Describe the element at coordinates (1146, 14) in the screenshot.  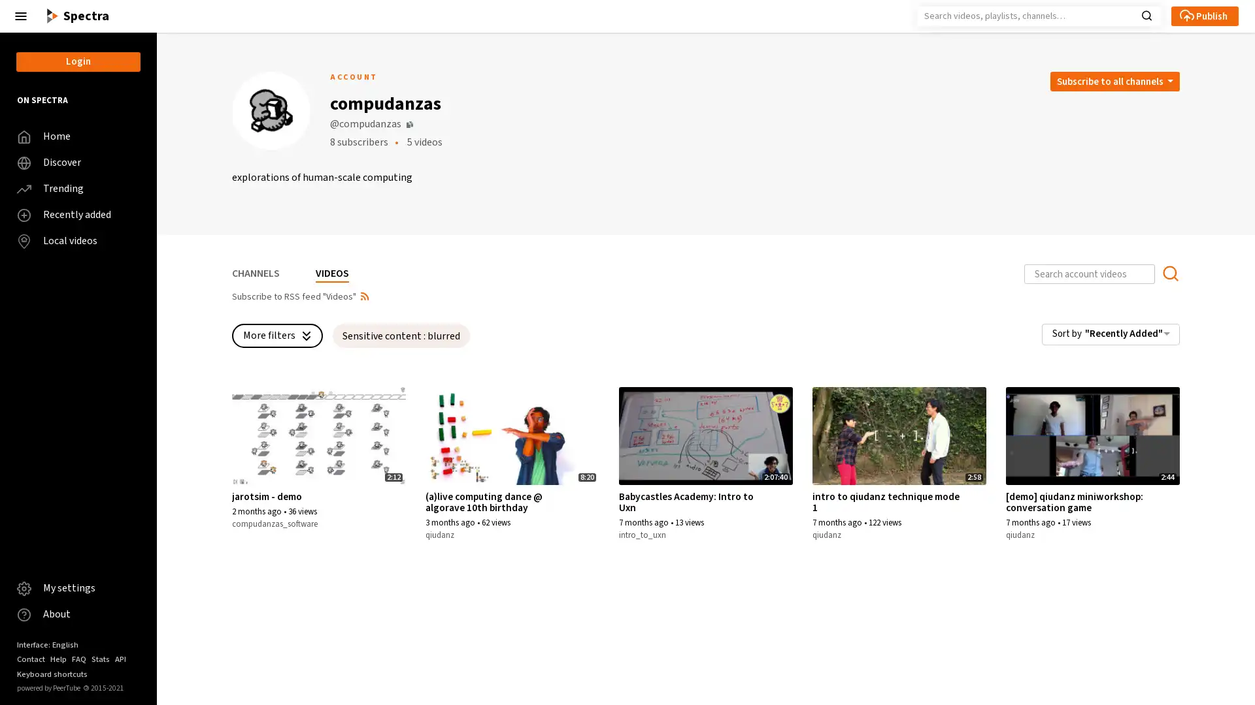
I see `Search` at that location.